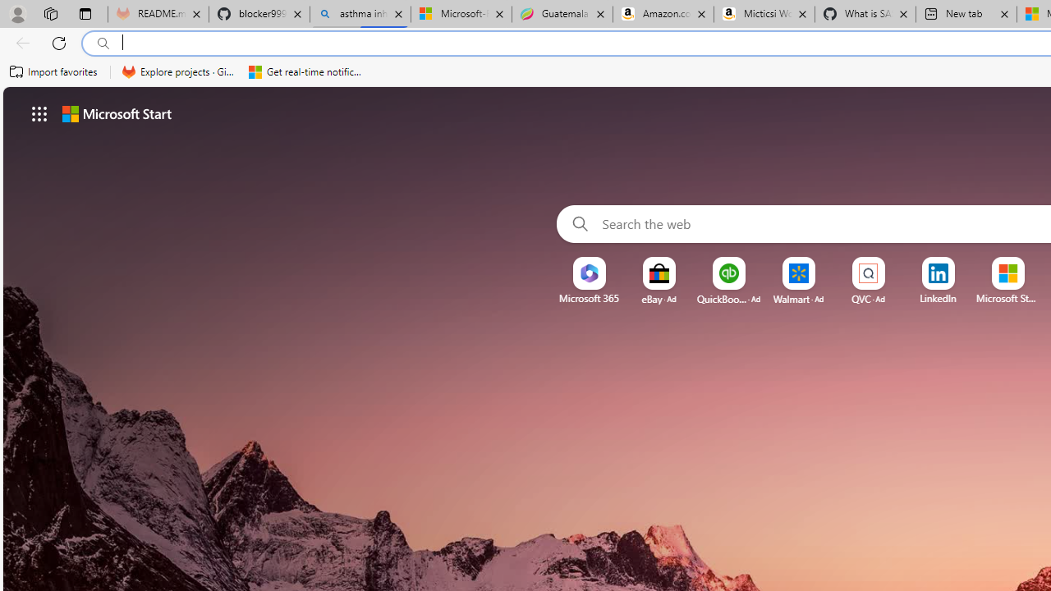 The height and width of the screenshot is (591, 1051). Describe the element at coordinates (39, 112) in the screenshot. I see `'App launcher'` at that location.